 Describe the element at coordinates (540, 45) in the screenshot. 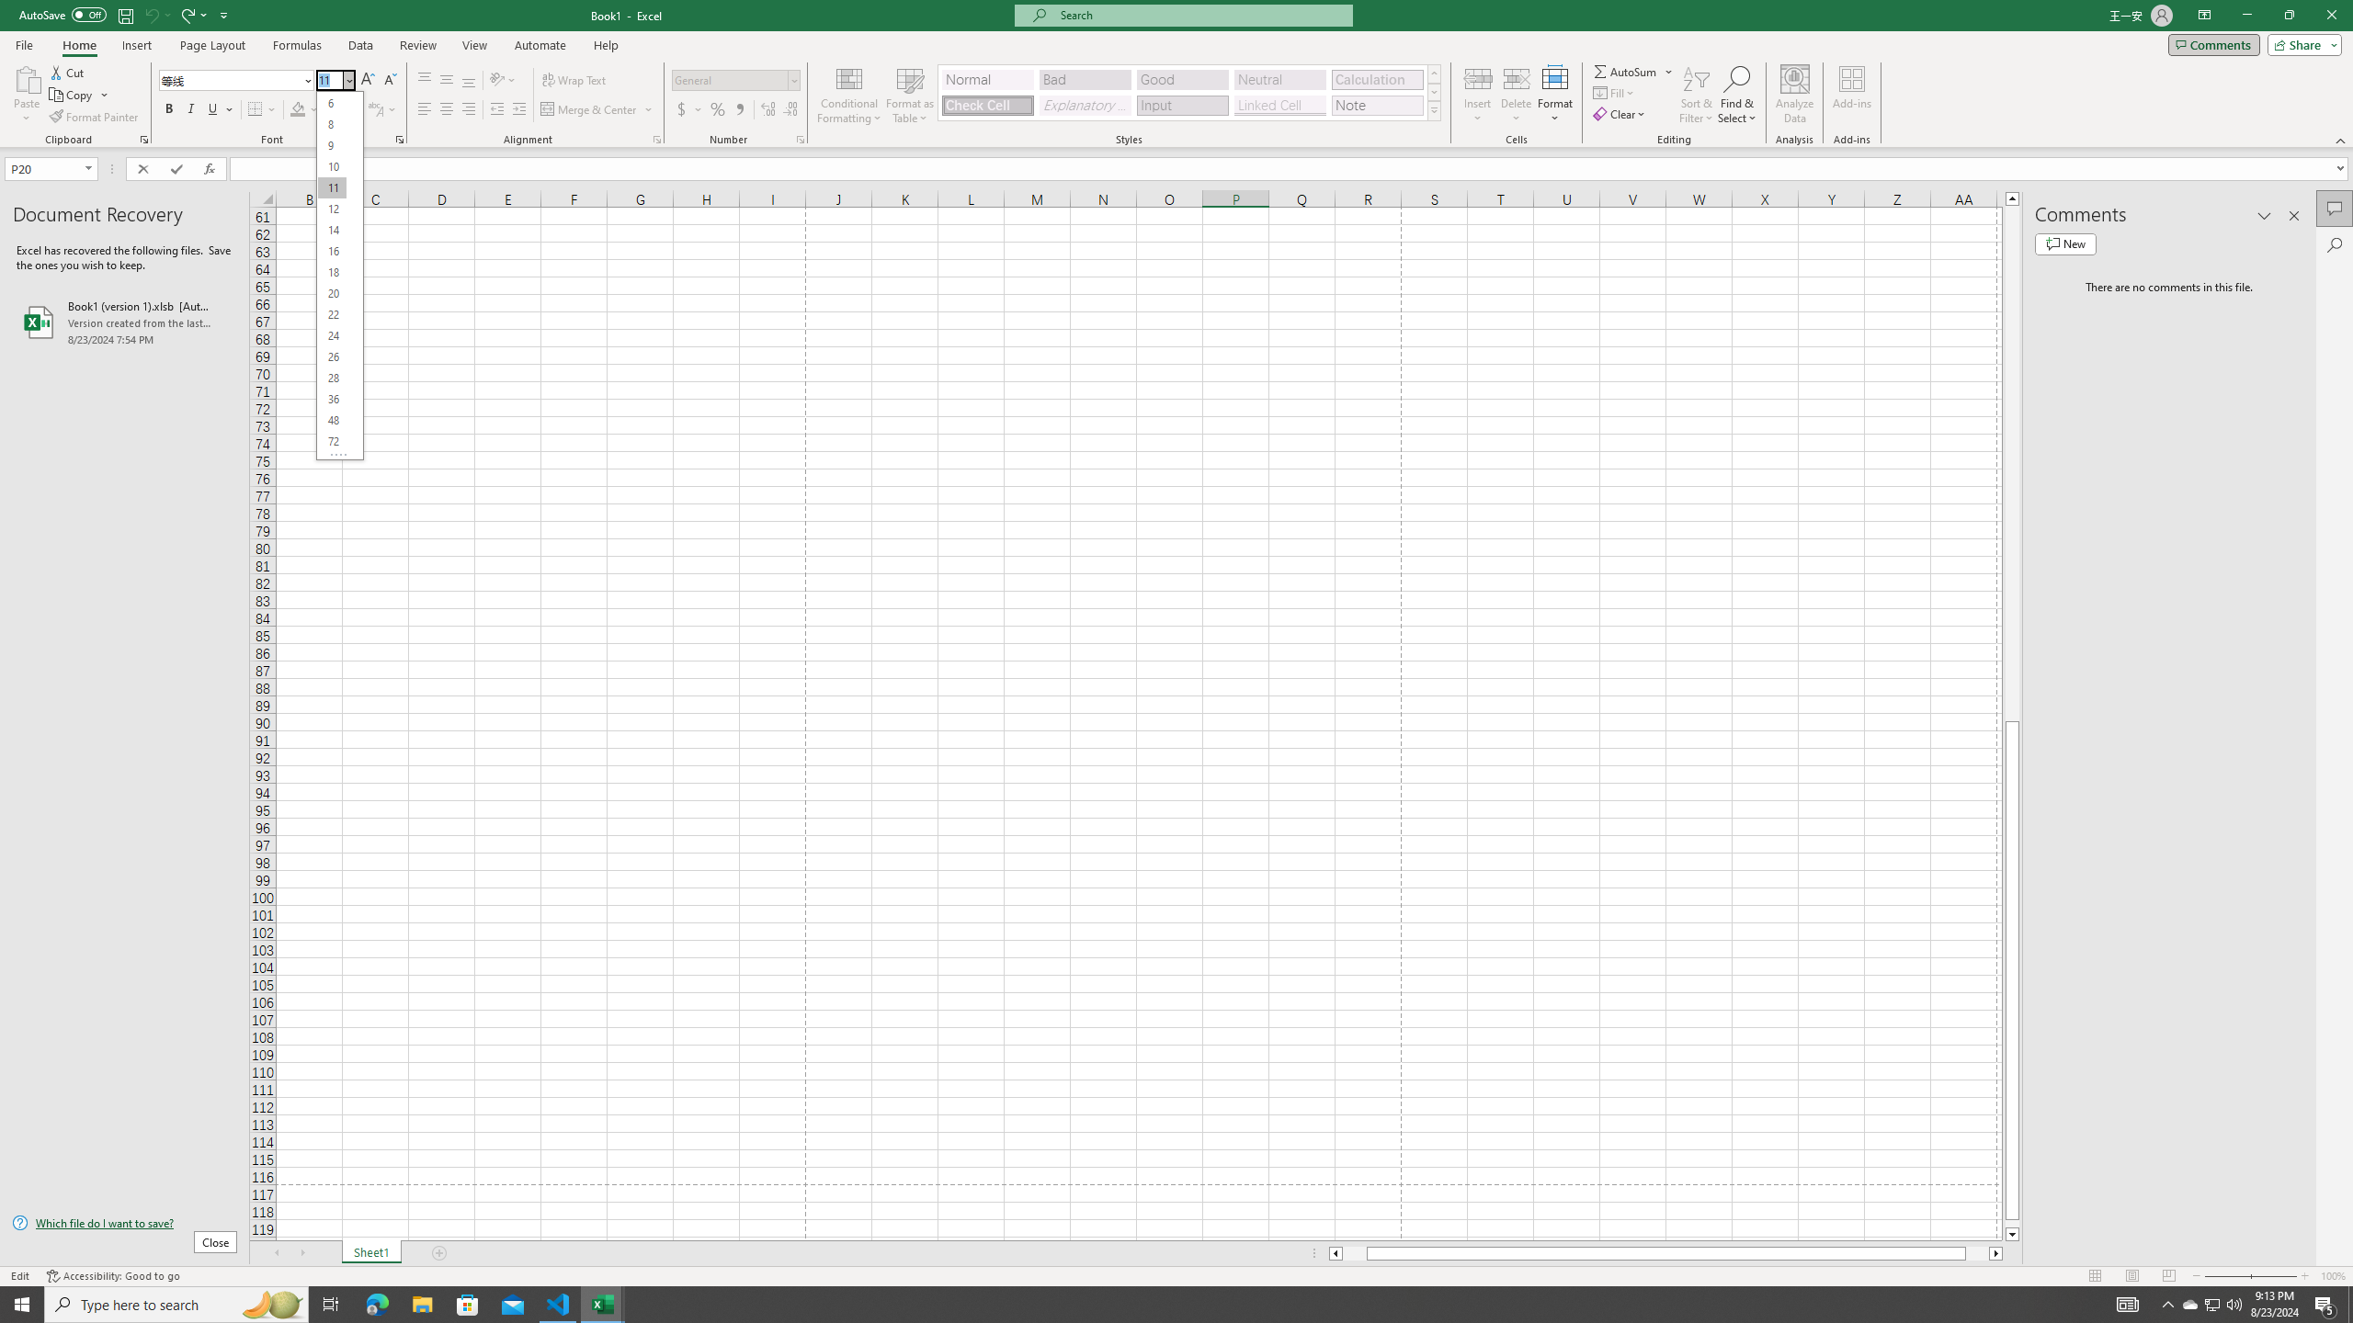

I see `'Automate'` at that location.